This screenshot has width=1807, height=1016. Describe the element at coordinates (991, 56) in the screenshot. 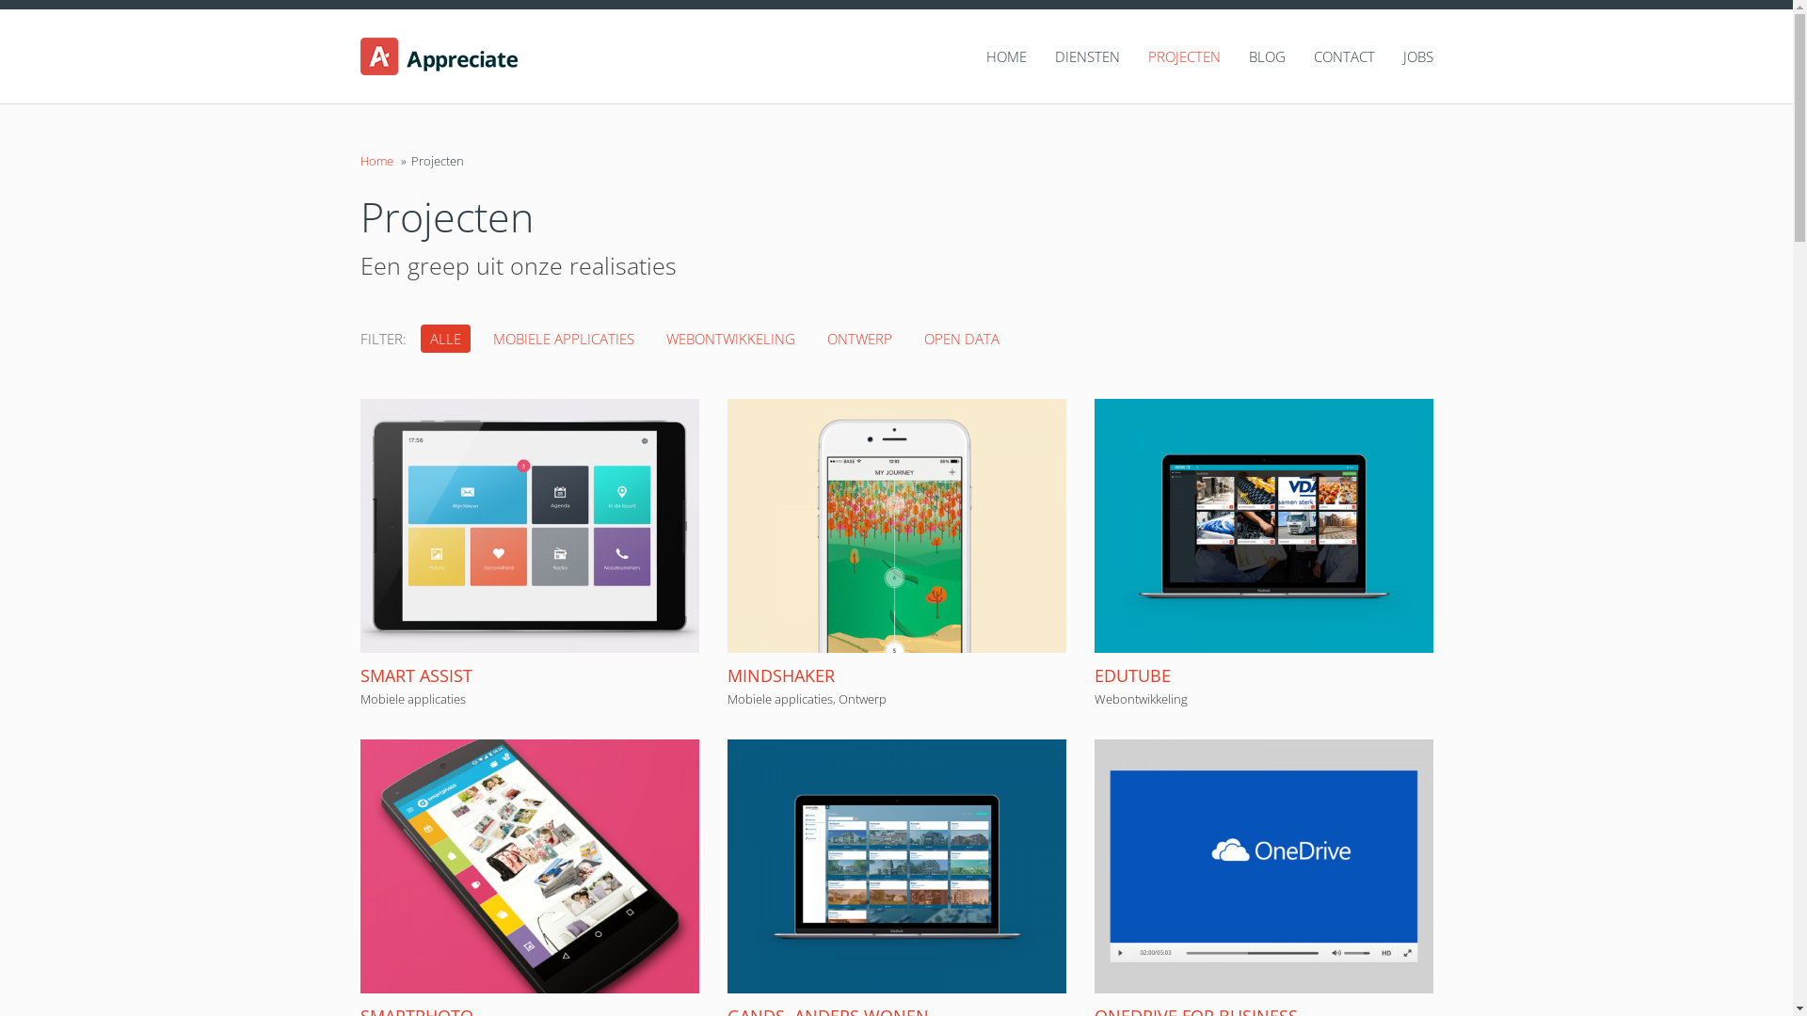

I see `'HOME'` at that location.